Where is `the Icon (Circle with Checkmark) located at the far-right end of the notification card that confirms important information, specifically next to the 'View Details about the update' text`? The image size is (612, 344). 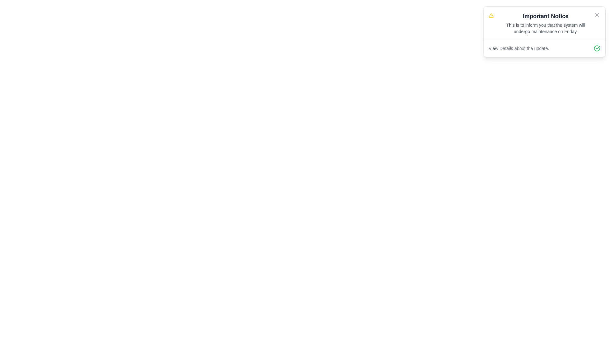 the Icon (Circle with Checkmark) located at the far-right end of the notification card that confirms important information, specifically next to the 'View Details about the update' text is located at coordinates (596, 48).